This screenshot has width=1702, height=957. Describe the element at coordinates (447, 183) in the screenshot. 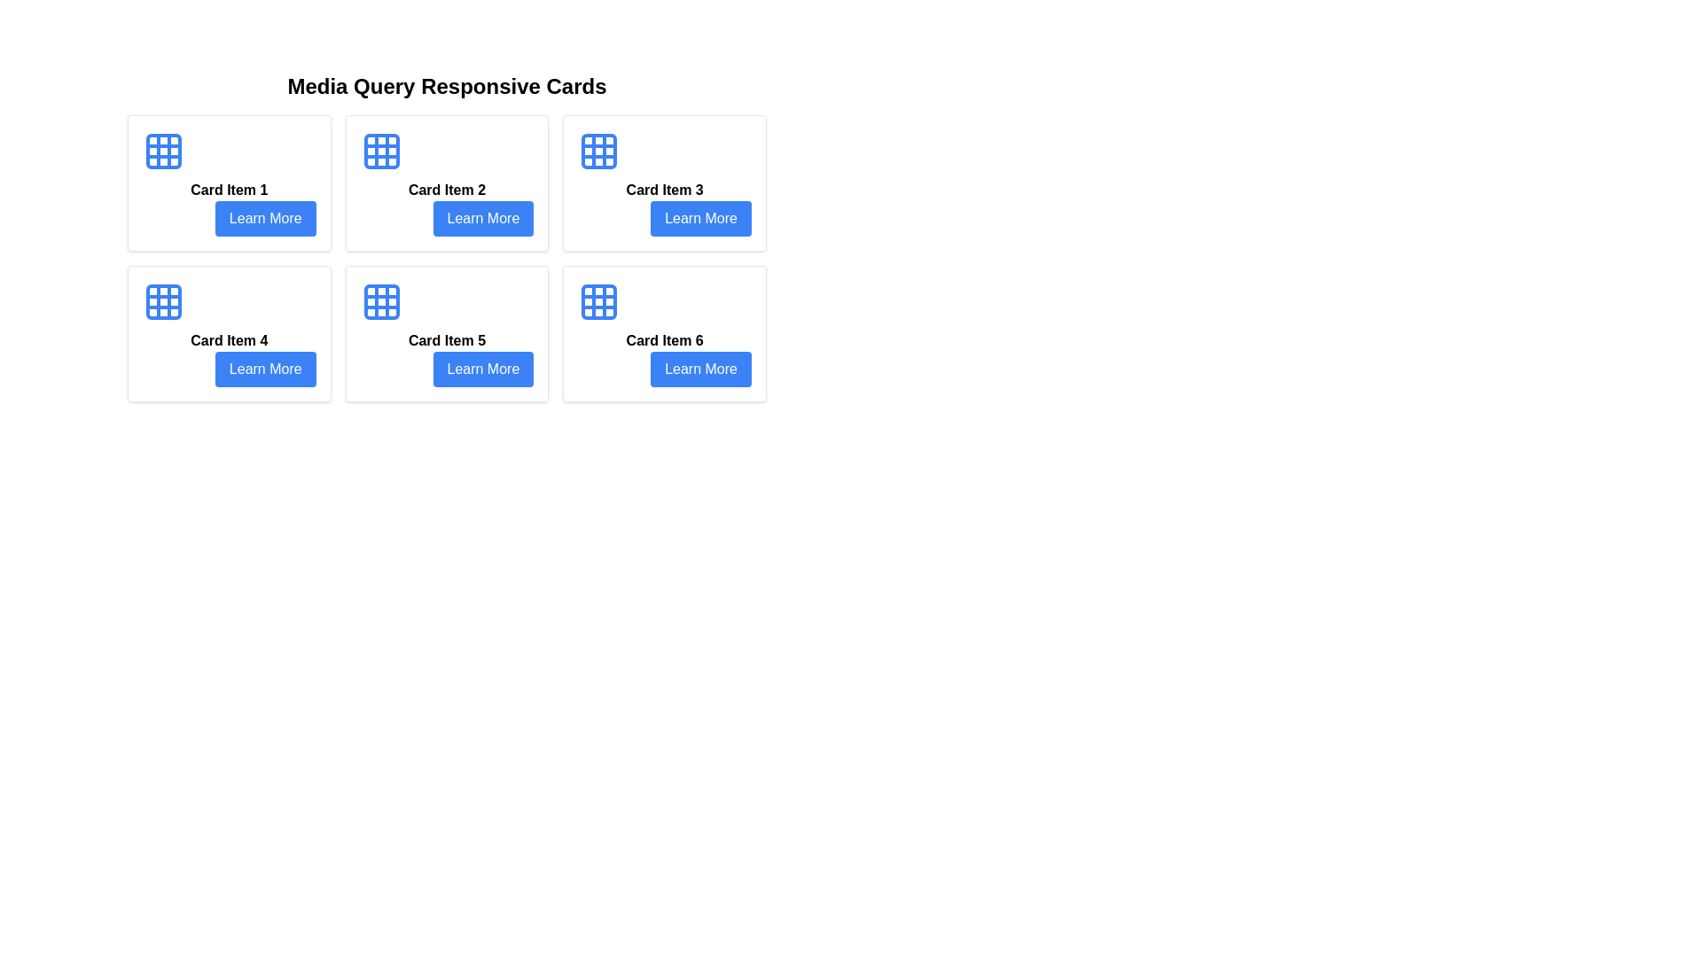

I see `the second card component in the grid layout, which is identified by its rounded appearance, bold text 'Card Item 2', and the blue 'Learn More' button at the bottom` at that location.